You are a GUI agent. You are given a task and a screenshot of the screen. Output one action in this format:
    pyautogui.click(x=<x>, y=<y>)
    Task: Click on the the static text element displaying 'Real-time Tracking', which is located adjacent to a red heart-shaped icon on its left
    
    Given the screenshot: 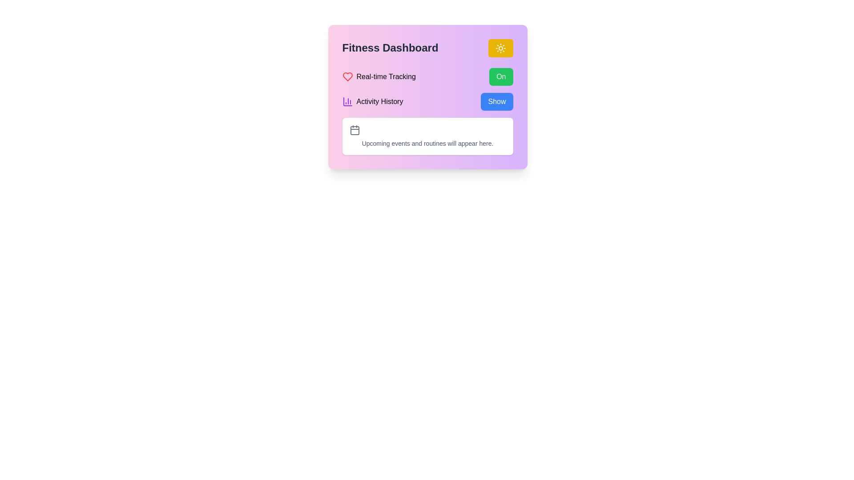 What is the action you would take?
    pyautogui.click(x=386, y=76)
    